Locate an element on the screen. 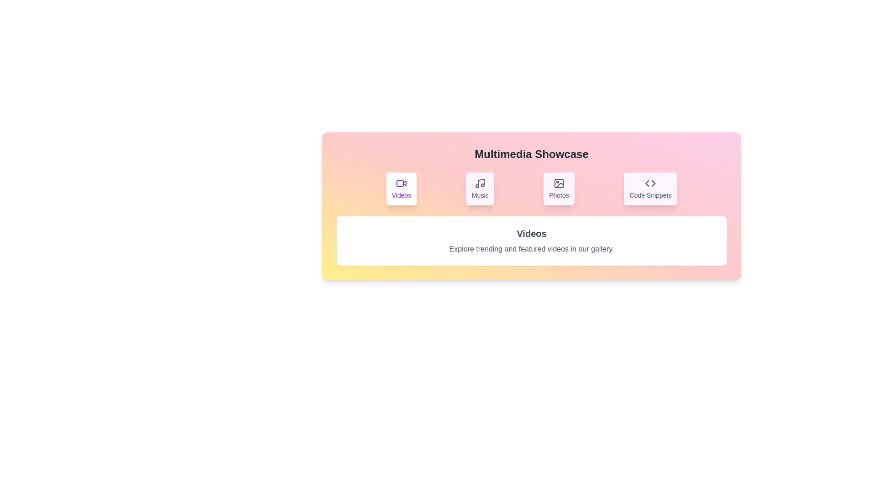 This screenshot has width=877, height=493. the Code Snippets tab to view its content is located at coordinates (650, 188).